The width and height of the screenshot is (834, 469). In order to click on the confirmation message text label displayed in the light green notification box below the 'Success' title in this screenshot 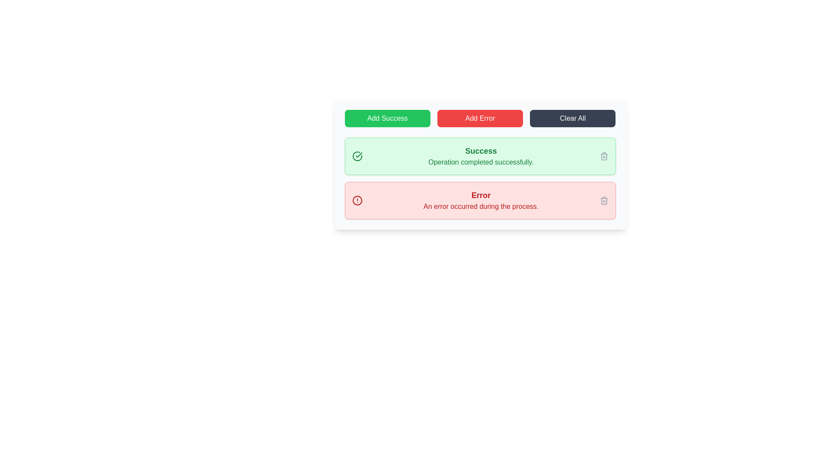, I will do `click(480, 162)`.